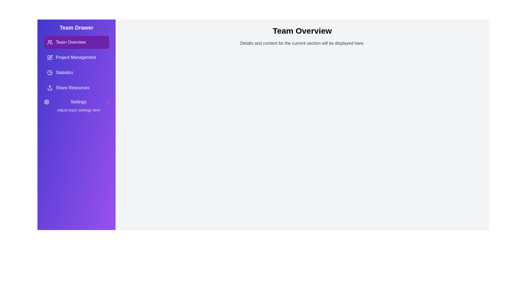 This screenshot has width=521, height=293. I want to click on the tab Project Management to switch to that section, so click(76, 58).